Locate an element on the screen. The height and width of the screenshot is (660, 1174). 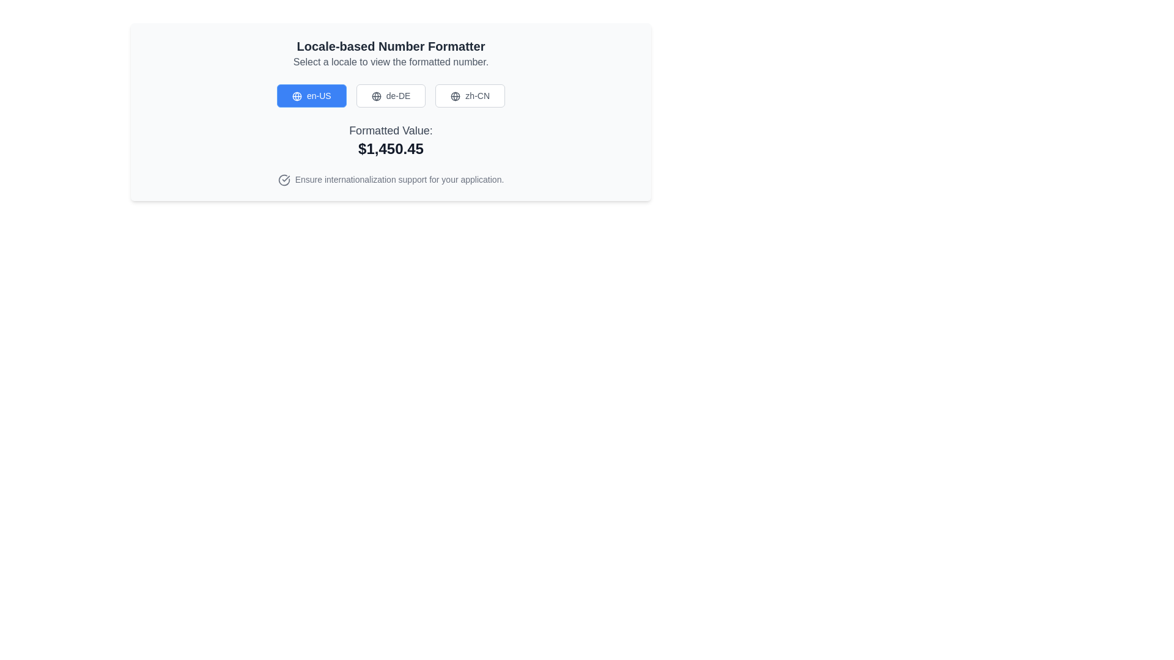
the globe icon is located at coordinates (375, 96).